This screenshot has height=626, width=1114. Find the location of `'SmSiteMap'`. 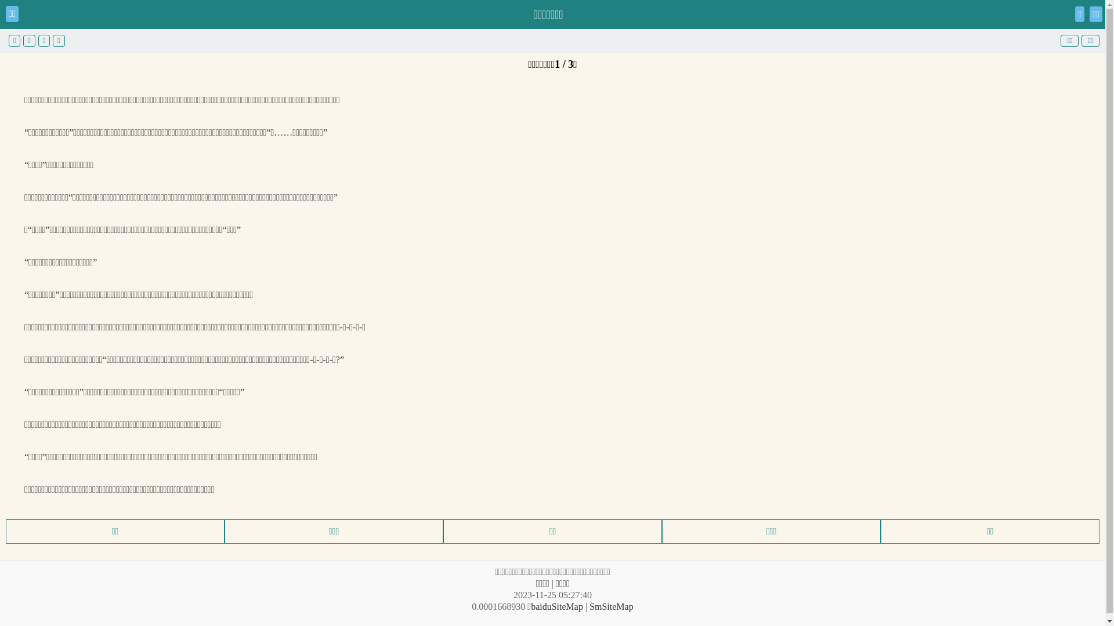

'SmSiteMap' is located at coordinates (611, 606).